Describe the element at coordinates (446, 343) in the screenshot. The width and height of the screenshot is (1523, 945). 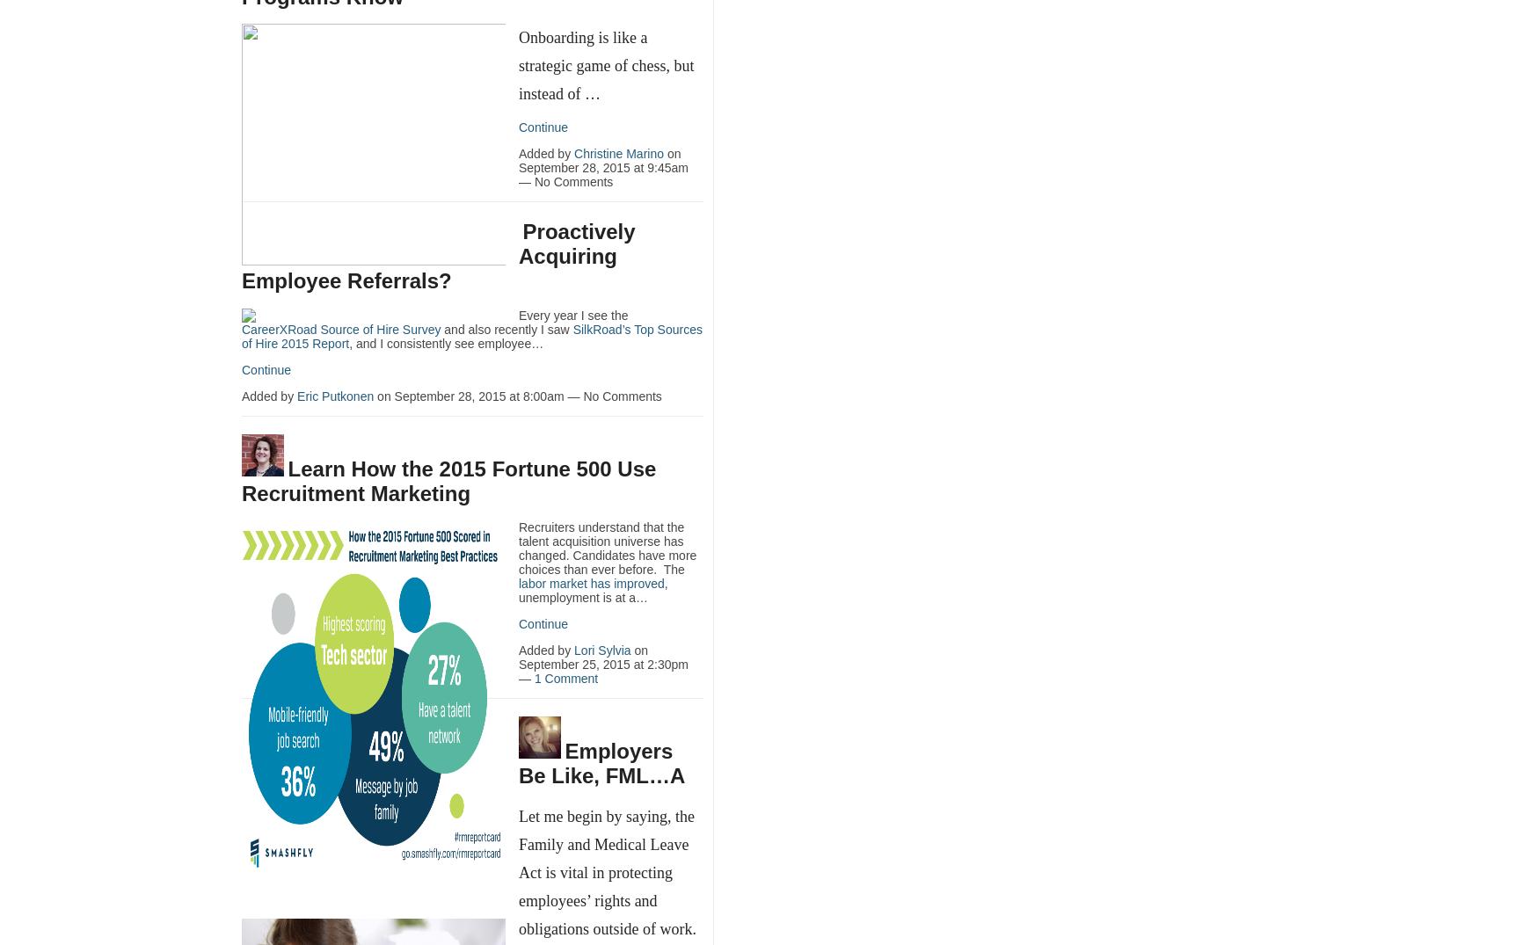
I see `', and I consistently see employee…'` at that location.